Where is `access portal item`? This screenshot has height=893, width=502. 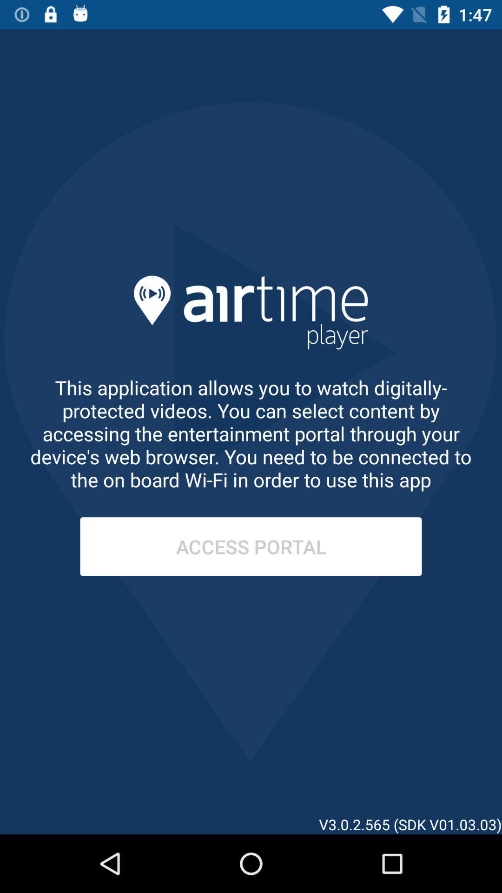
access portal item is located at coordinates (251, 546).